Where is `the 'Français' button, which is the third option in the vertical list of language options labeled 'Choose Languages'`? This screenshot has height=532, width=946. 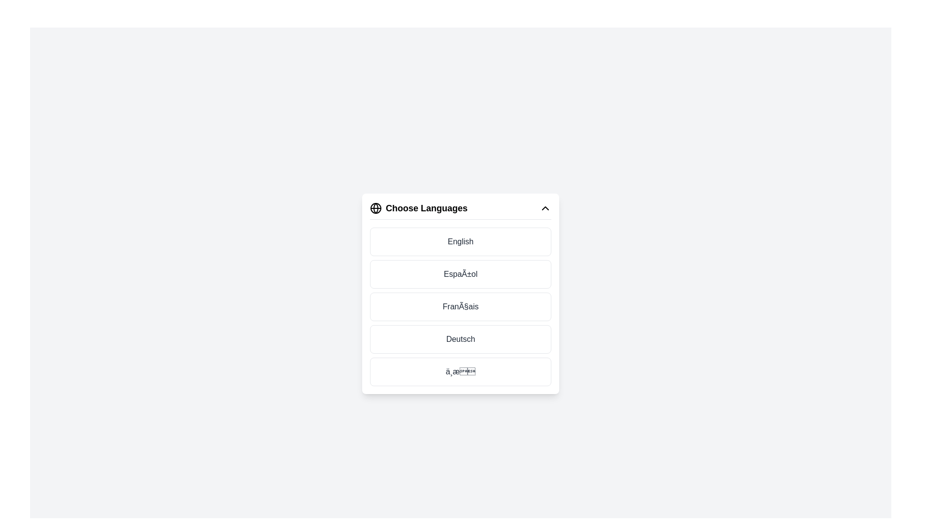 the 'Français' button, which is the third option in the vertical list of language options labeled 'Choose Languages' is located at coordinates (460, 306).